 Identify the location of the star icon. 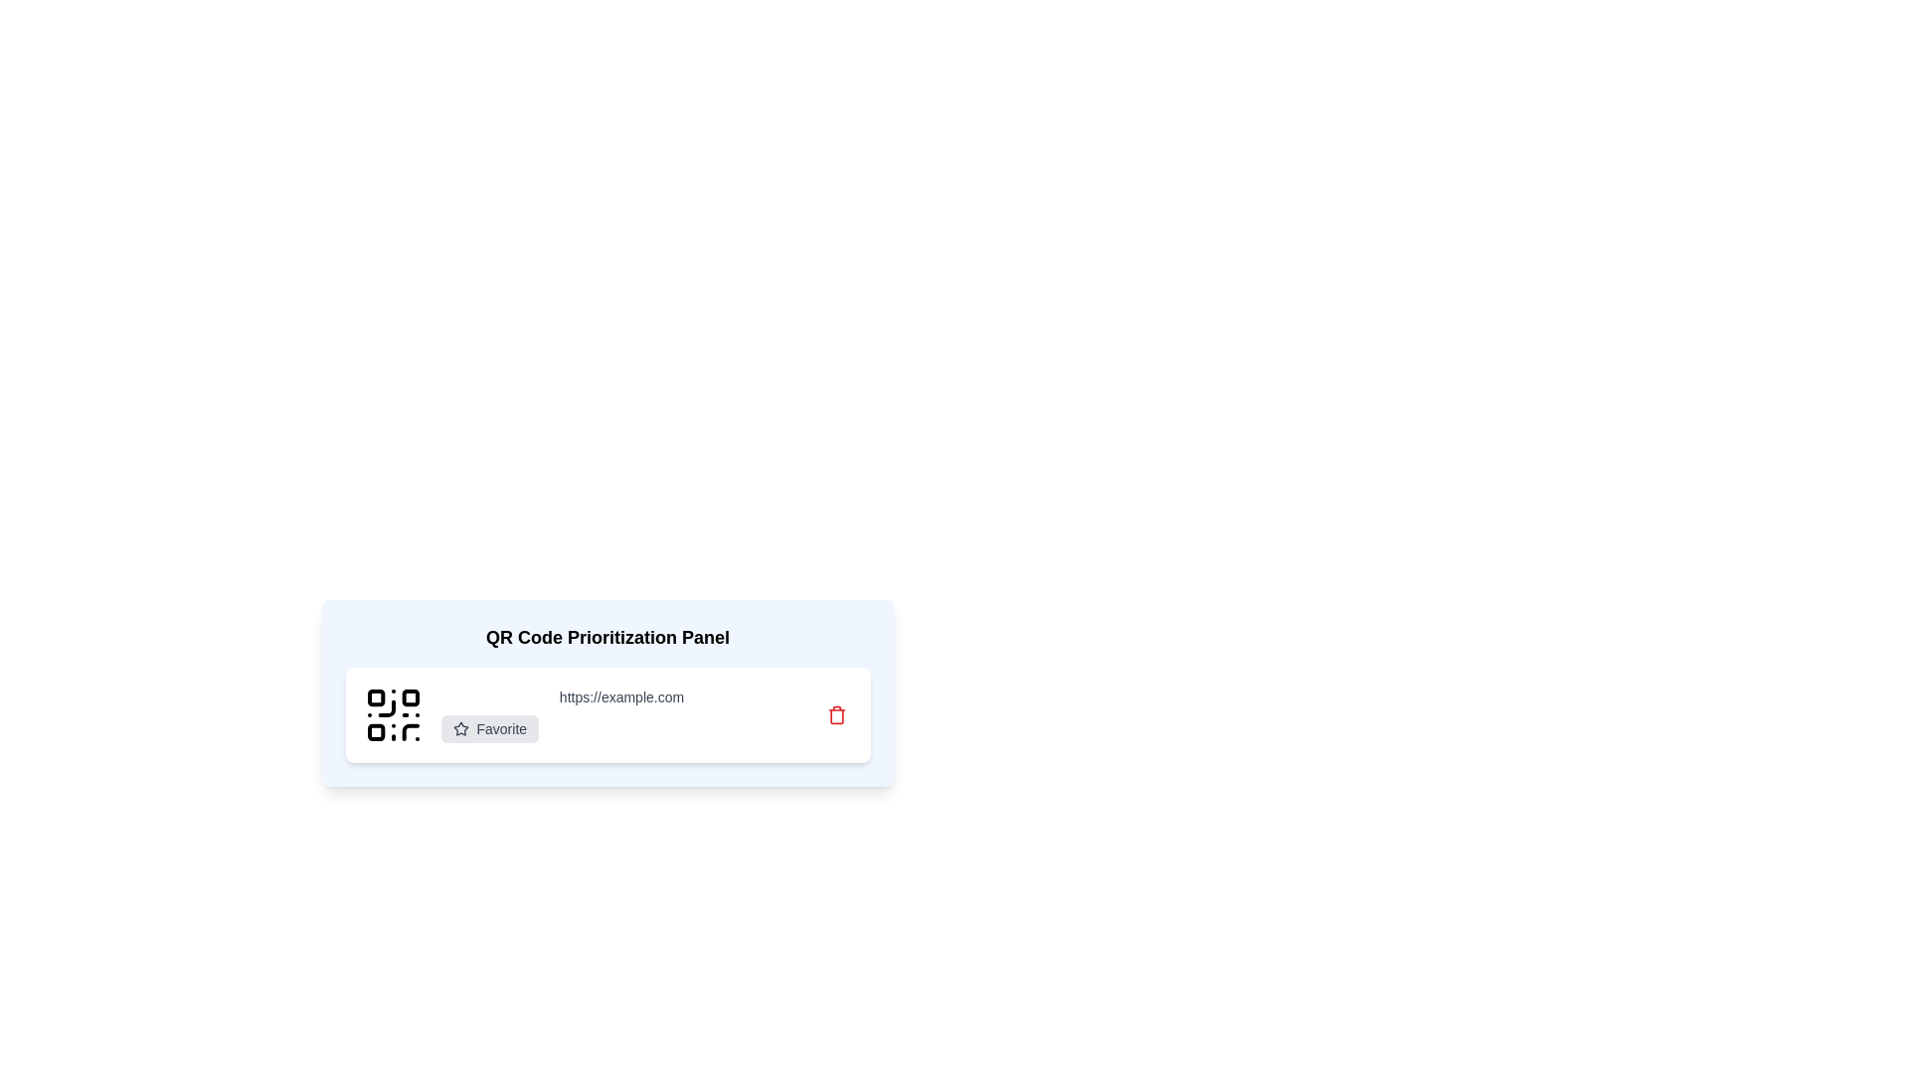
(459, 728).